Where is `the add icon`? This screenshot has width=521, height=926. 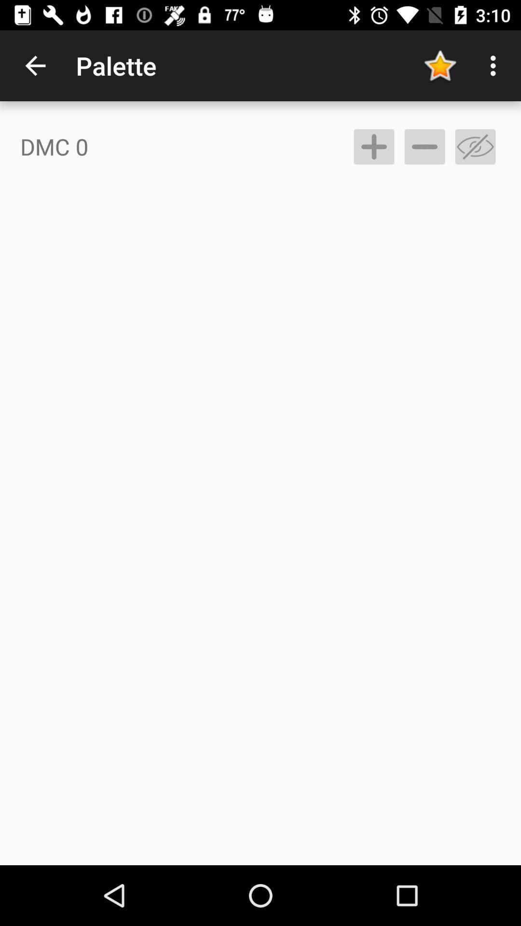
the add icon is located at coordinates (373, 146).